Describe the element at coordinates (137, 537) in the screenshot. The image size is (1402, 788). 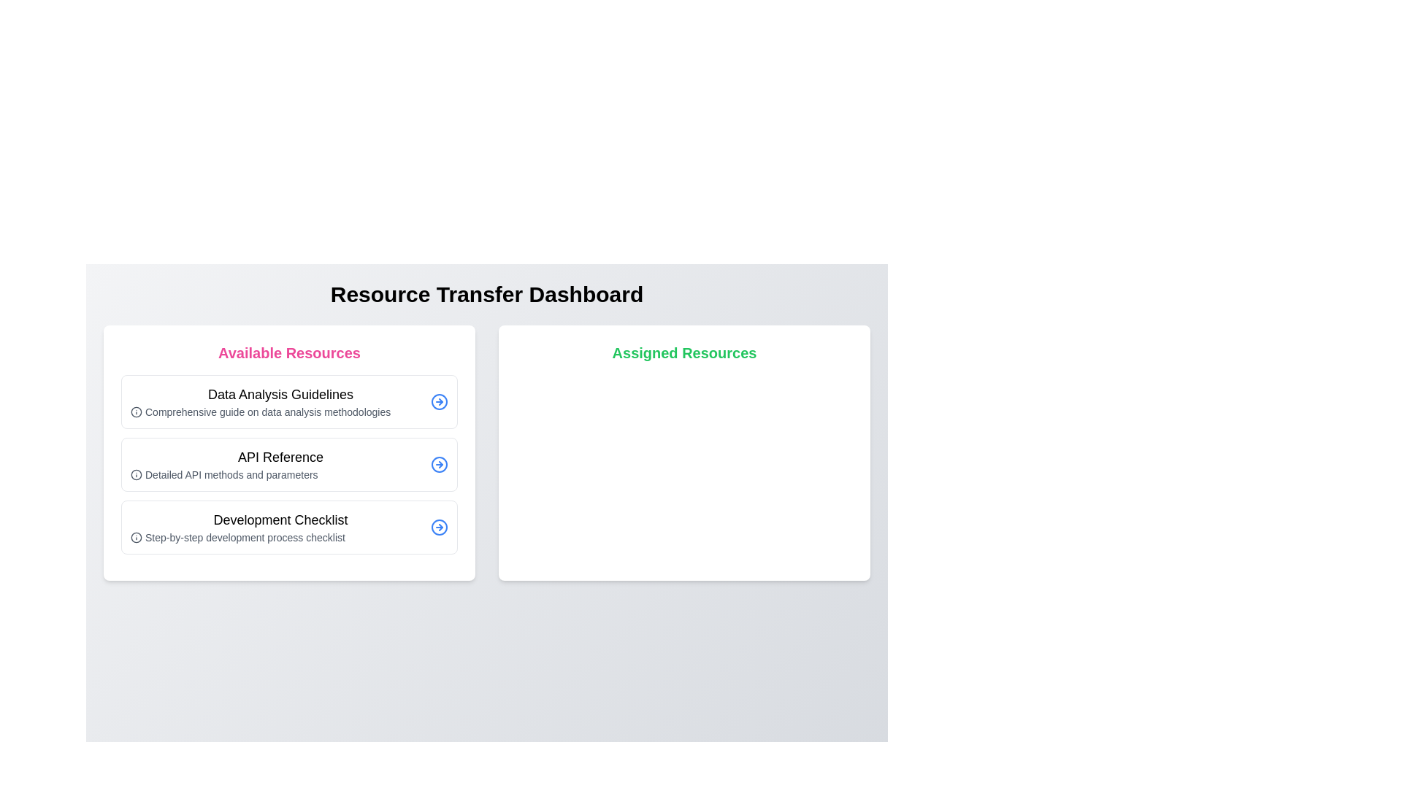
I see `the circular information icon located to the left of the text 'Step-by-step development process checklist'` at that location.